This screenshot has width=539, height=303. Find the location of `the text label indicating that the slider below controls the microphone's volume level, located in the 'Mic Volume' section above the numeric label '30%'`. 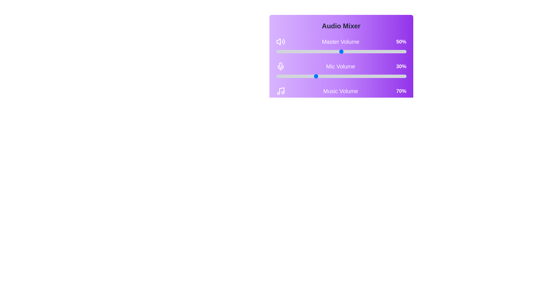

the text label indicating that the slider below controls the microphone's volume level, located in the 'Mic Volume' section above the numeric label '30%' is located at coordinates (340, 66).